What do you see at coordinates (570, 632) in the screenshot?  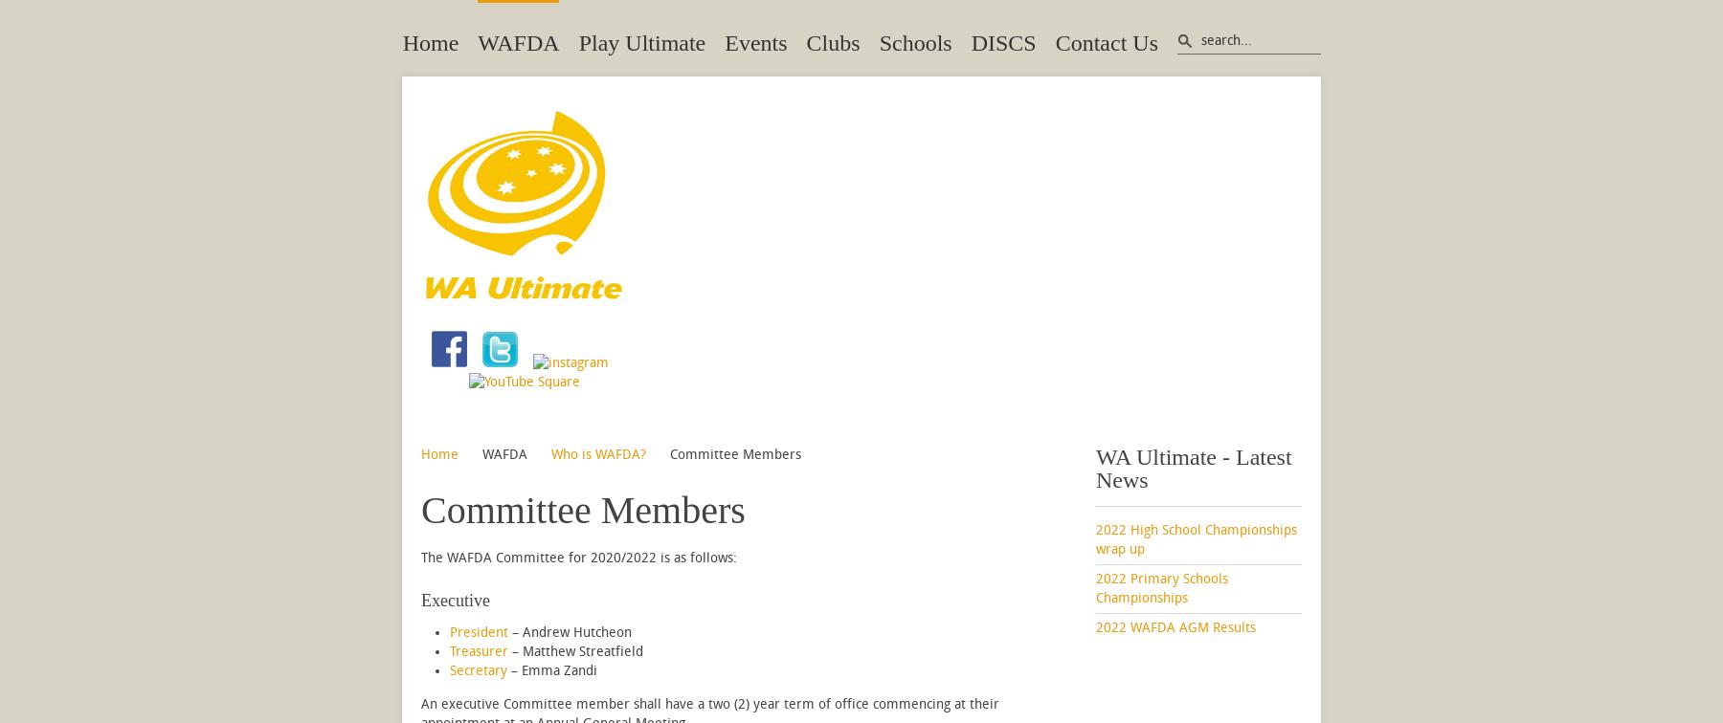 I see `'– Andrew Hutcheon'` at bounding box center [570, 632].